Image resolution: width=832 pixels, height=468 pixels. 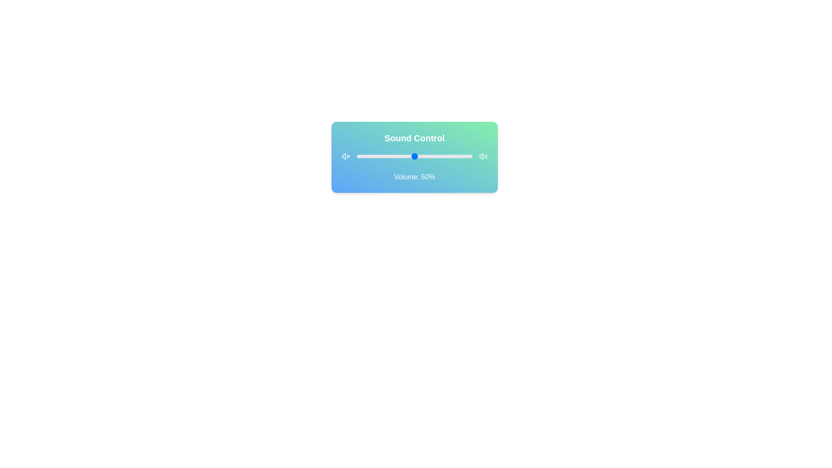 I want to click on the volume, so click(x=367, y=156).